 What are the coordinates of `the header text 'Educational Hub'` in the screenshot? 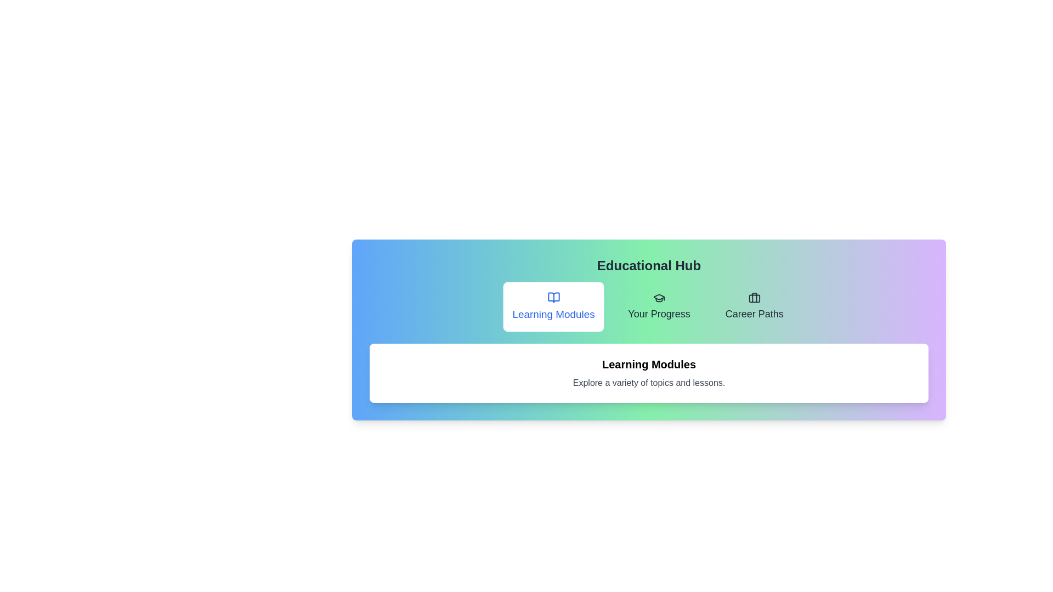 It's located at (649, 266).